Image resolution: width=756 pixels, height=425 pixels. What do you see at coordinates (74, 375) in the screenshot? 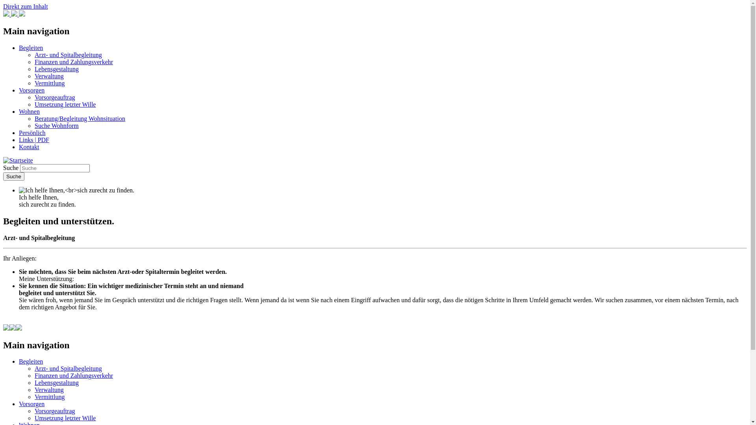
I see `'Finanzen und Zahlungsverkehr'` at bounding box center [74, 375].